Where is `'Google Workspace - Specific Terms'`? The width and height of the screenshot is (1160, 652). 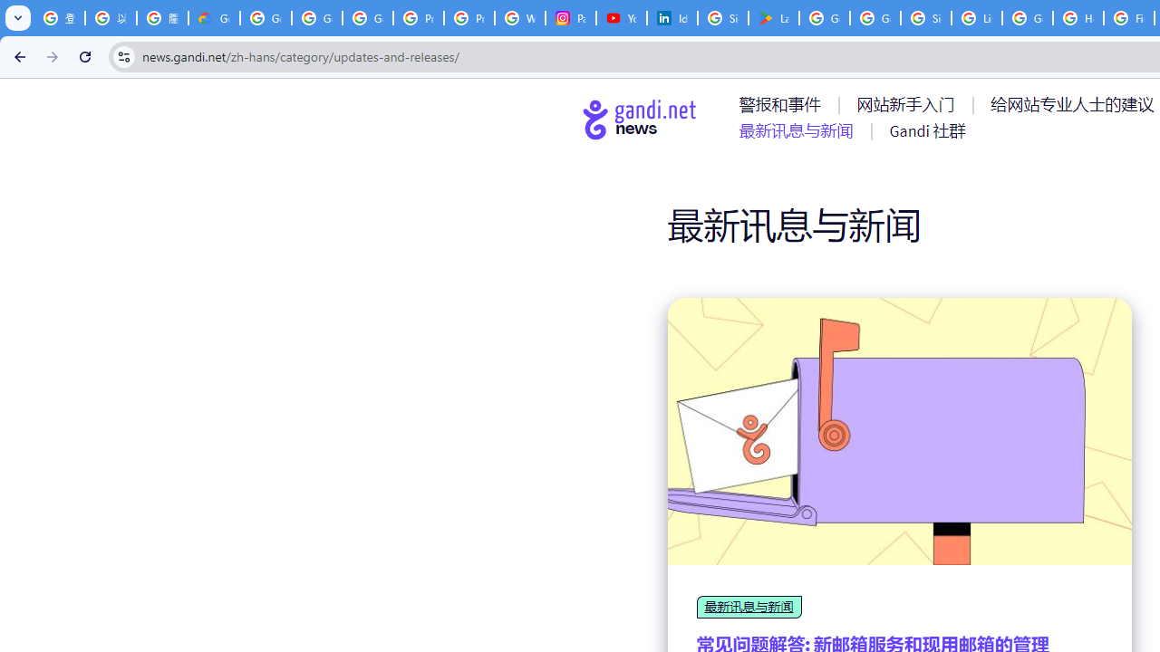 'Google Workspace - Specific Terms' is located at coordinates (875, 18).